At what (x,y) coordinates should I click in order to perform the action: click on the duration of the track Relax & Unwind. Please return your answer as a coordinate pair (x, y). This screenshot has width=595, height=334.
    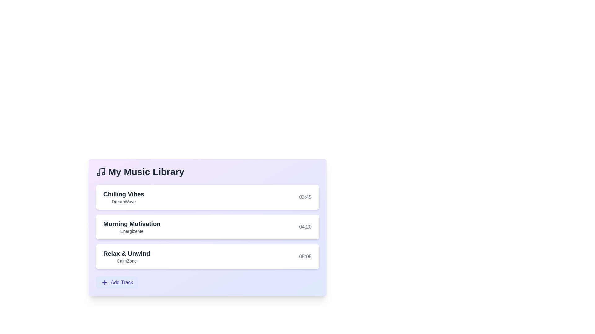
    Looking at the image, I should click on (305, 256).